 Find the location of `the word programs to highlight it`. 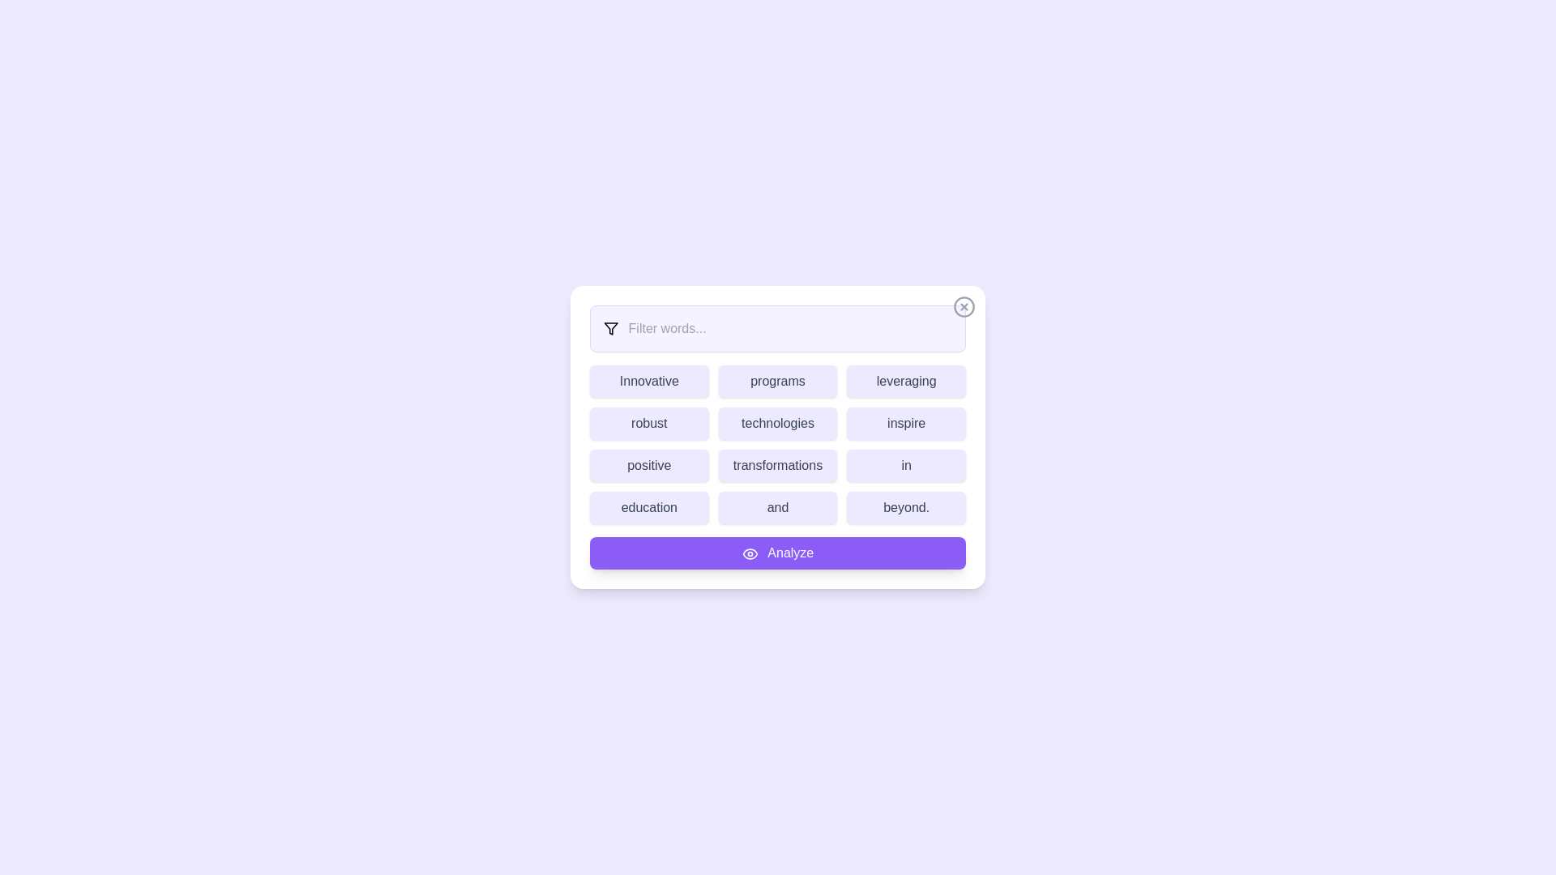

the word programs to highlight it is located at coordinates (778, 381).